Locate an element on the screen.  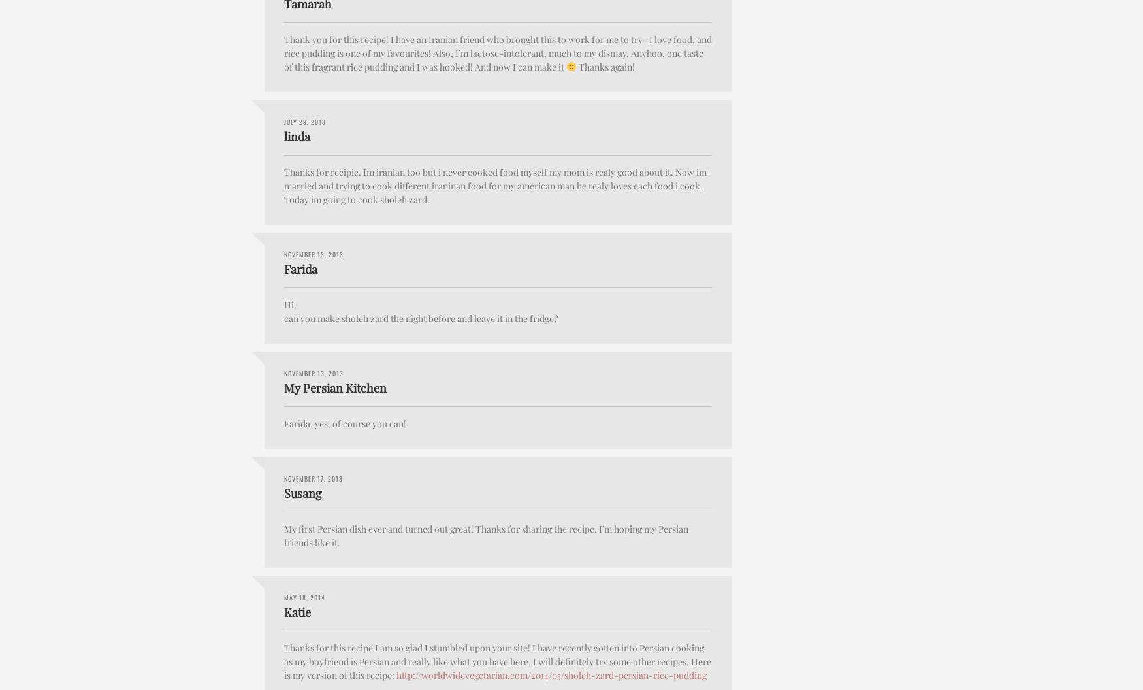
'November 17, 2013' is located at coordinates (314, 477).